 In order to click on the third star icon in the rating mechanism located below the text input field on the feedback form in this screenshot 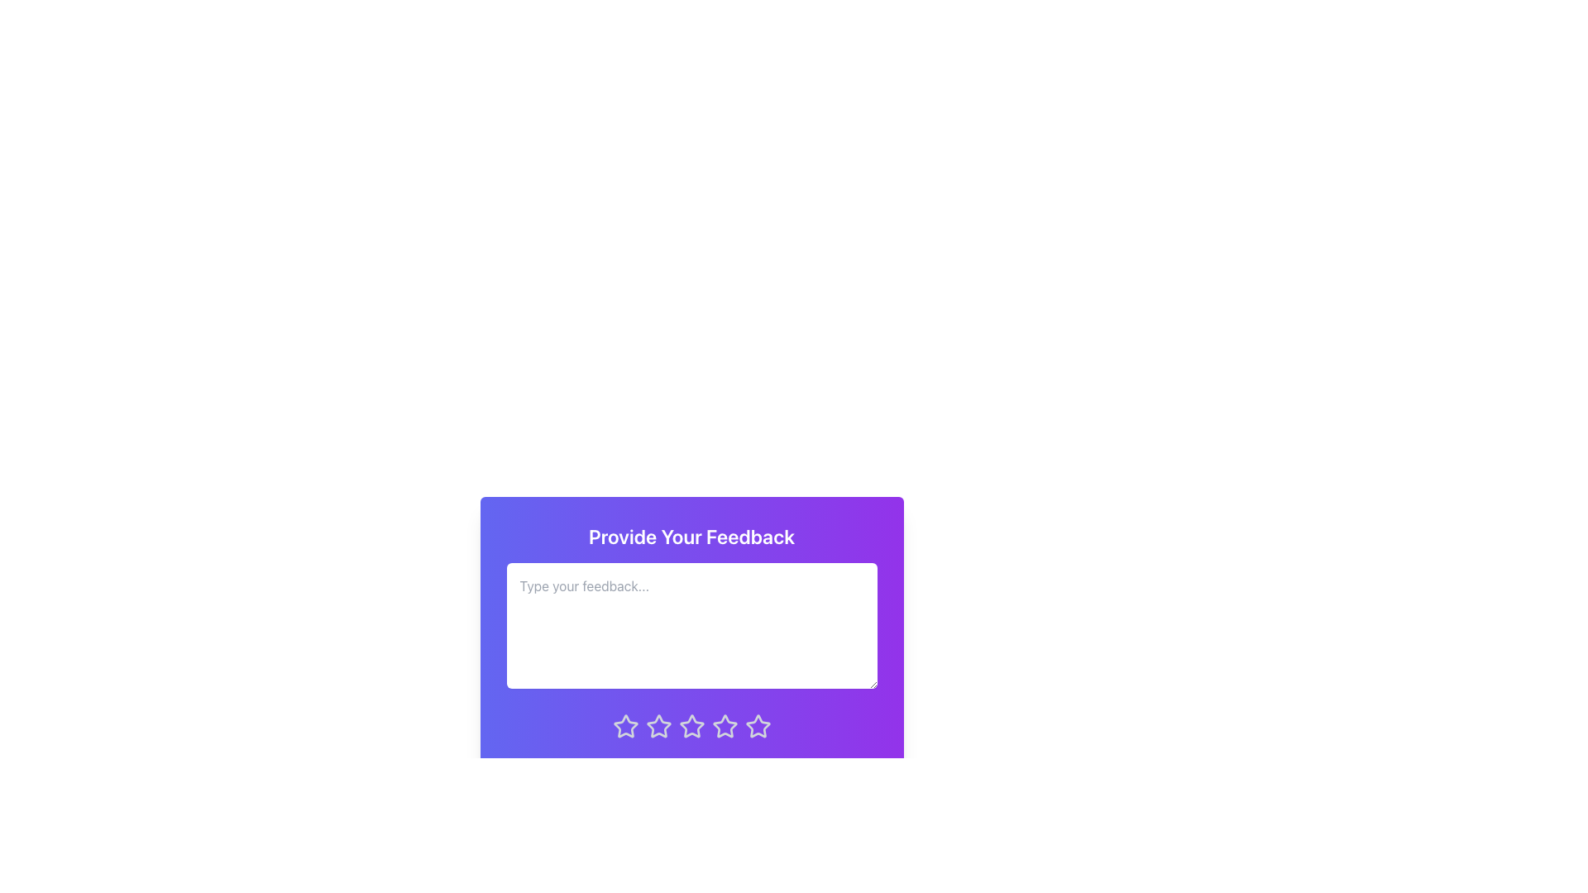, I will do `click(691, 725)`.